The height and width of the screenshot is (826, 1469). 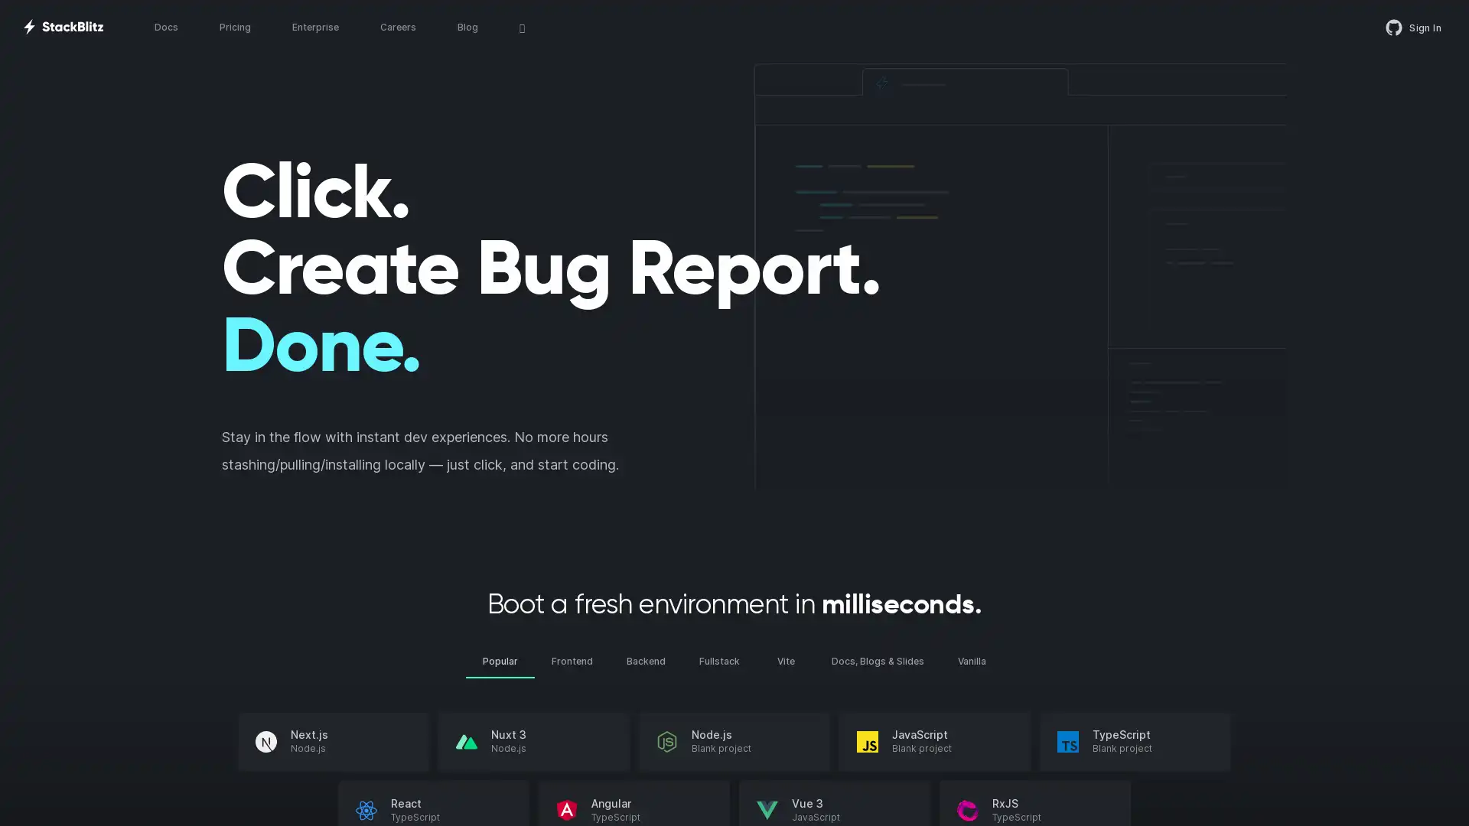 I want to click on Fullstack, so click(x=718, y=660).